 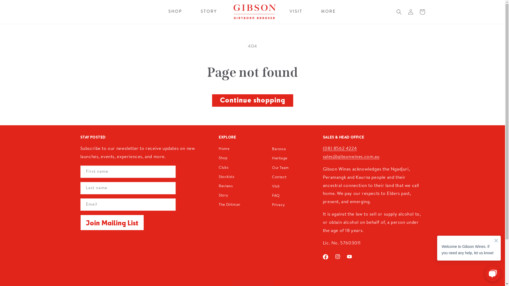 I want to click on 'VISIT', so click(x=289, y=12).